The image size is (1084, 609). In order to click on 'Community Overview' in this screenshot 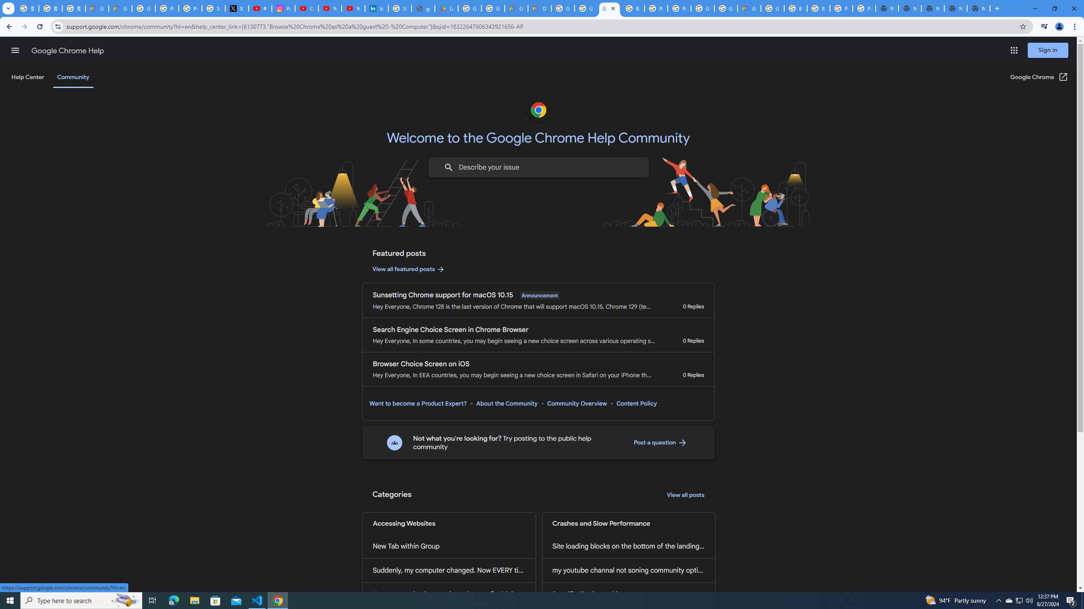, I will do `click(577, 403)`.